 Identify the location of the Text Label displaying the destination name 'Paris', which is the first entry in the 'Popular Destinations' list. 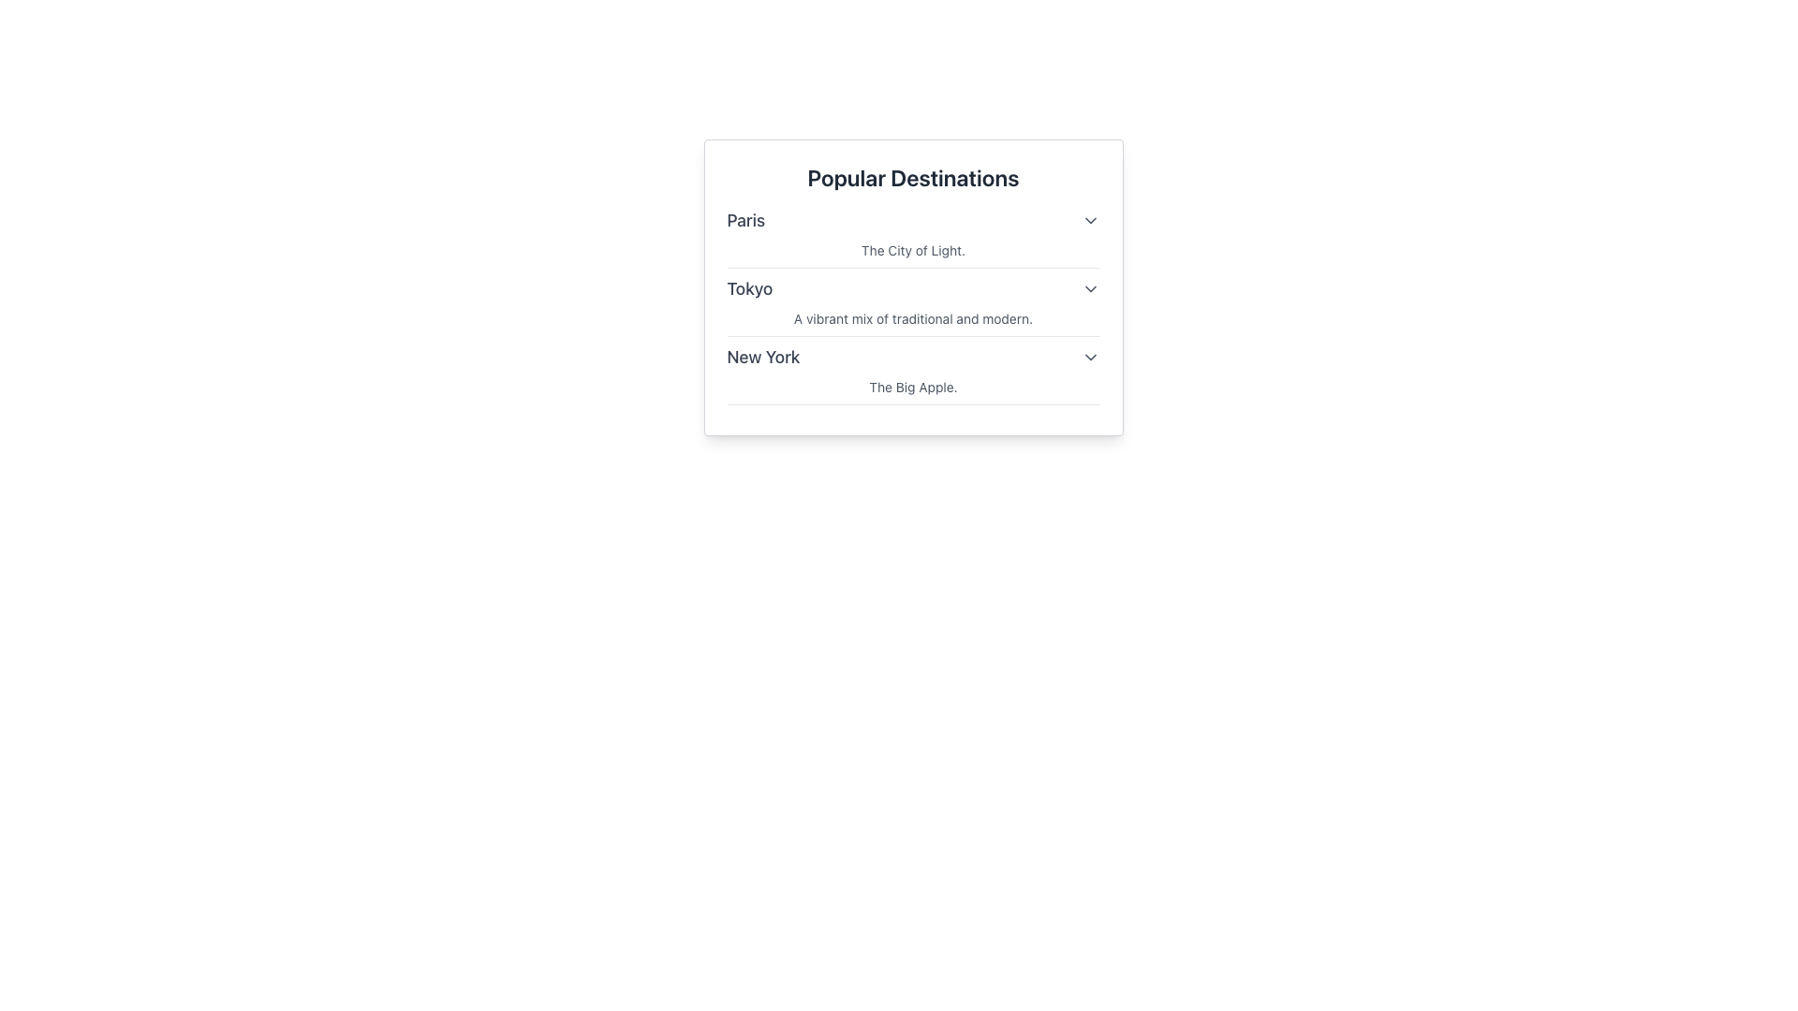
(744, 219).